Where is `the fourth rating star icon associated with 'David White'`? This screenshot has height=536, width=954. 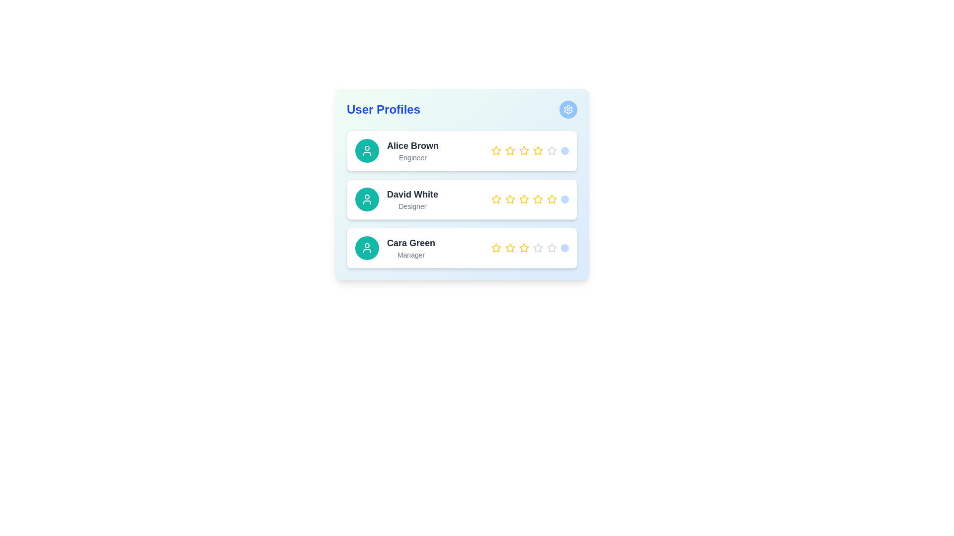
the fourth rating star icon associated with 'David White' is located at coordinates (538, 199).